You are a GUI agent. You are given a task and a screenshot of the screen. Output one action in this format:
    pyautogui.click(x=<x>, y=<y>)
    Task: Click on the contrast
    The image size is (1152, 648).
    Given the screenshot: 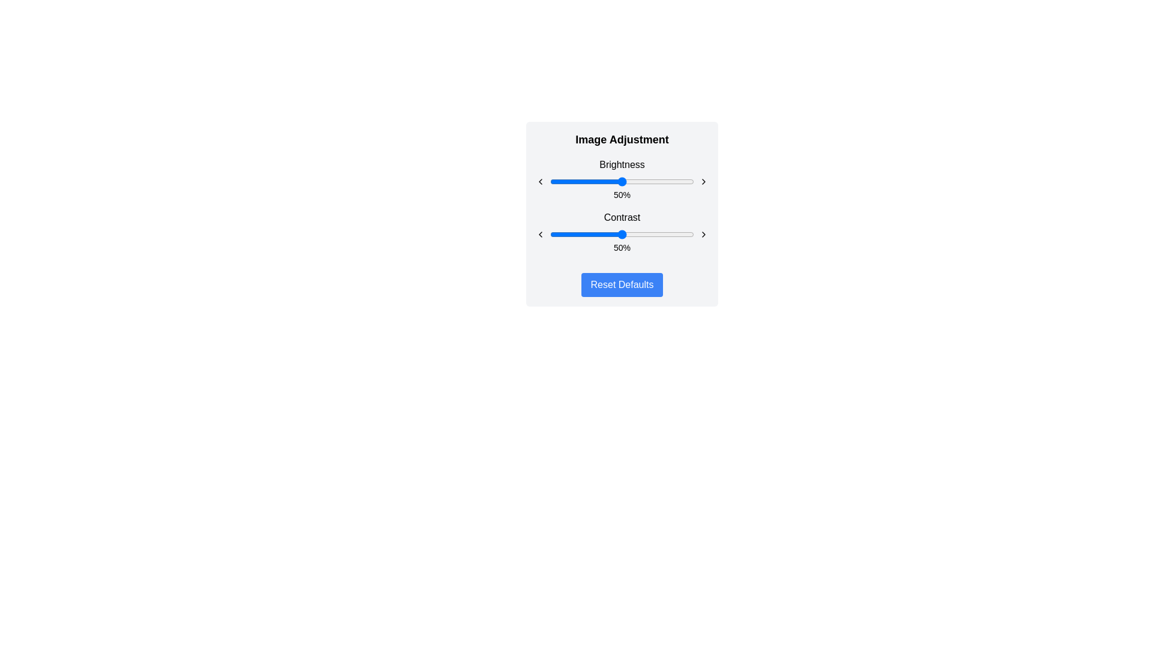 What is the action you would take?
    pyautogui.click(x=637, y=234)
    